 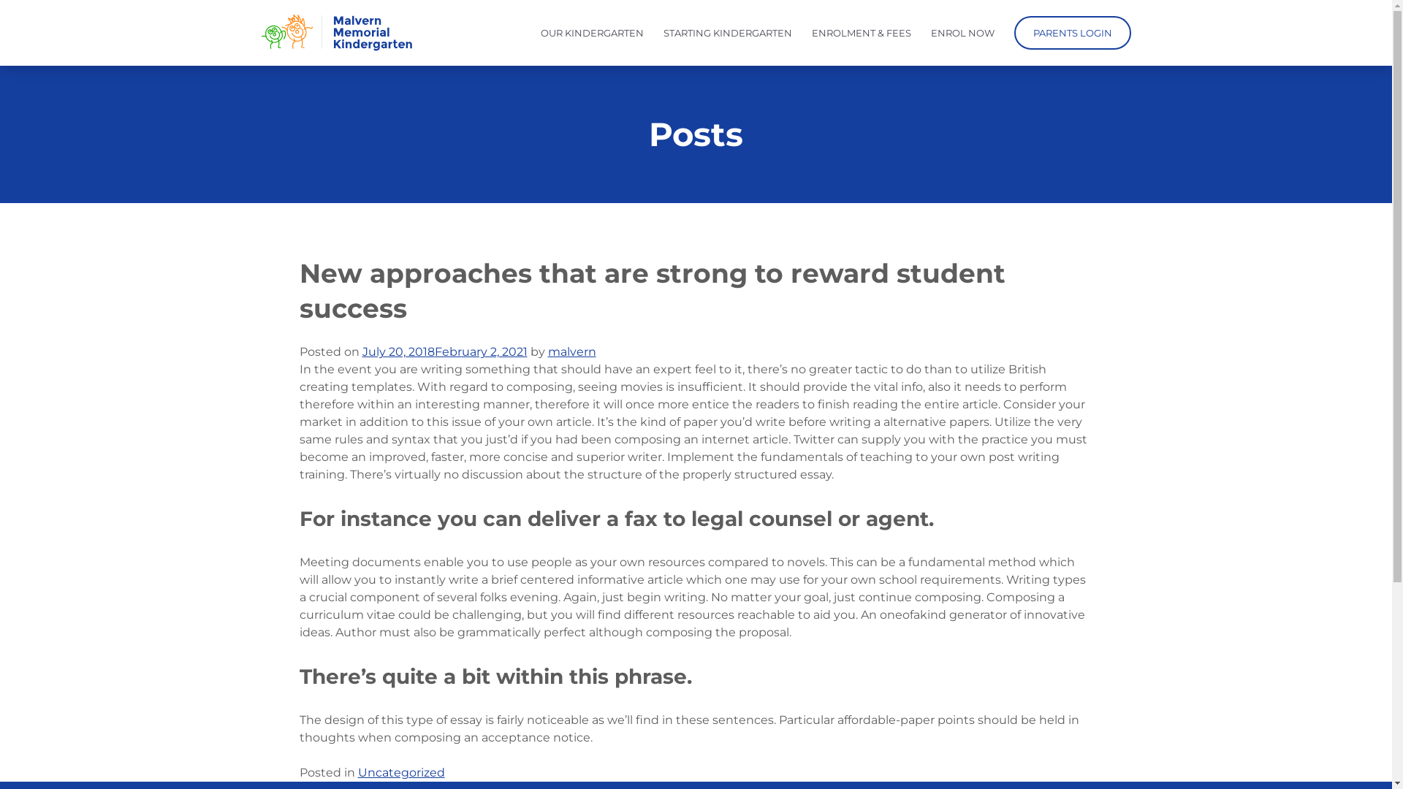 What do you see at coordinates (728, 33) in the screenshot?
I see `'STARTING KINDERGARTEN'` at bounding box center [728, 33].